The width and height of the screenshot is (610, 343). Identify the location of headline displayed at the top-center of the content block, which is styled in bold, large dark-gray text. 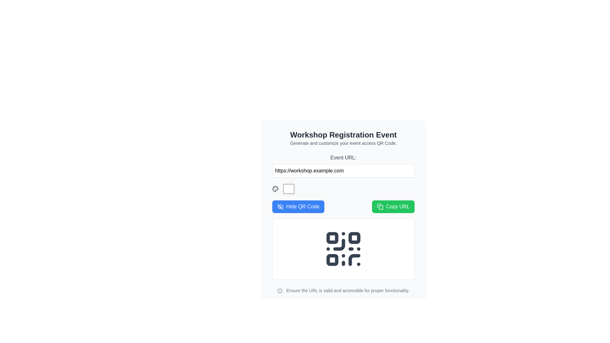
(343, 134).